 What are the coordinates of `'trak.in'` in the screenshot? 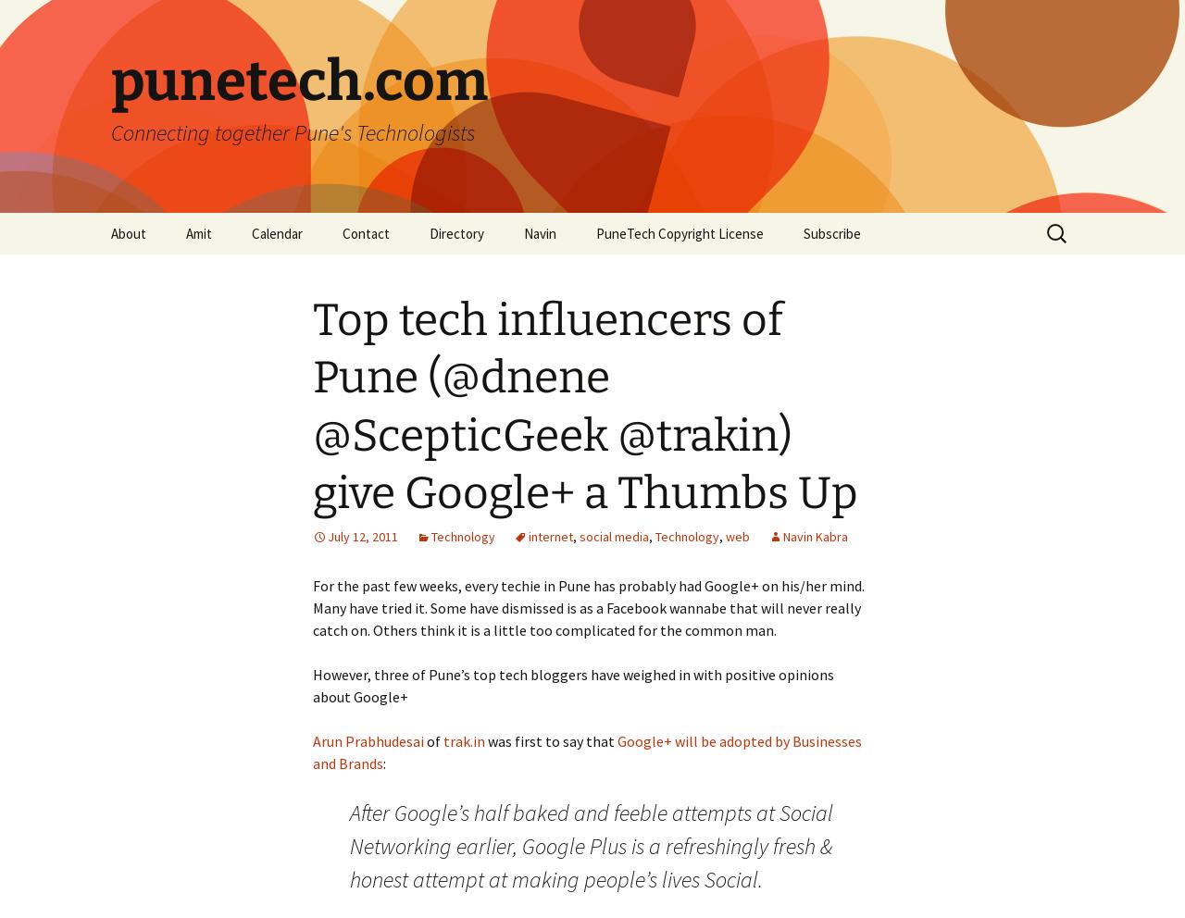 It's located at (464, 740).